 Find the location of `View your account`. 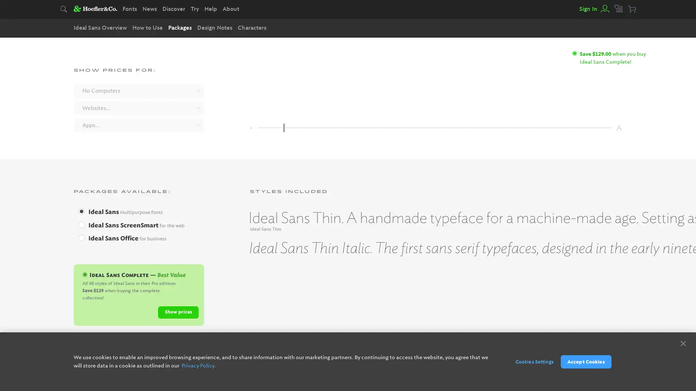

View your account is located at coordinates (604, 9).